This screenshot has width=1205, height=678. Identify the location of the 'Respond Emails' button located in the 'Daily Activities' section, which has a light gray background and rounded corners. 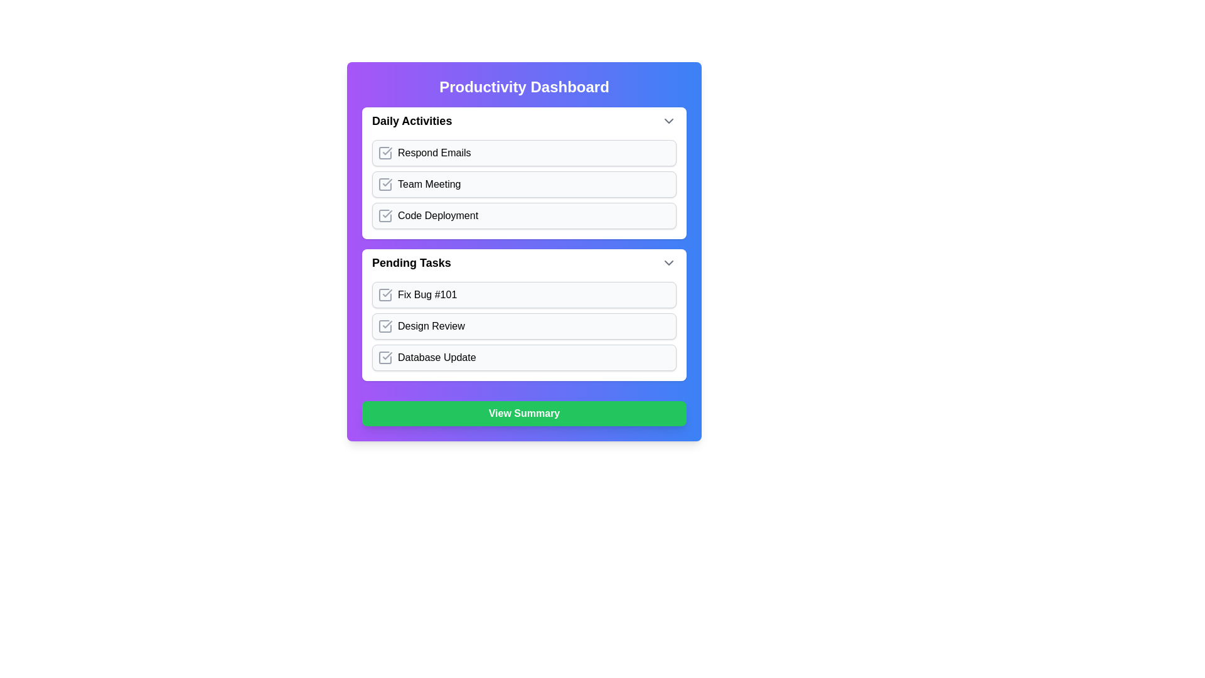
(524, 152).